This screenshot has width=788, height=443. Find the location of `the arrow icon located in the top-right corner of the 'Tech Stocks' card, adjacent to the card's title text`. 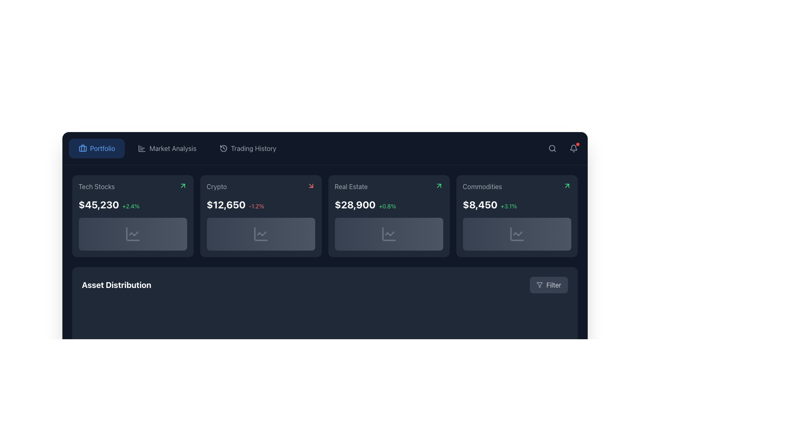

the arrow icon located in the top-right corner of the 'Tech Stocks' card, adjacent to the card's title text is located at coordinates (182, 185).